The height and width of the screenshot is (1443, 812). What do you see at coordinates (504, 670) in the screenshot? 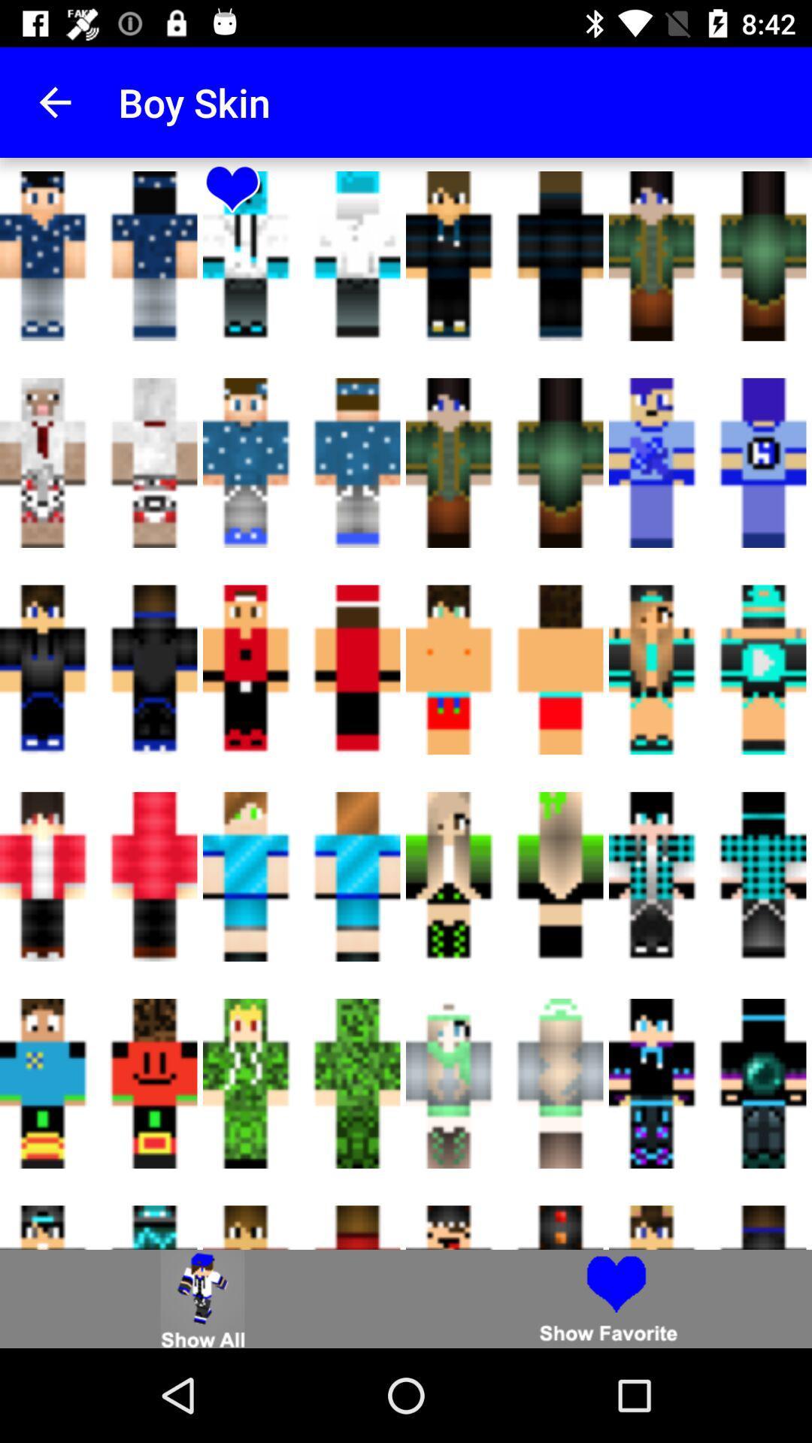
I see `the 5th and 6th images which is in the third row` at bounding box center [504, 670].